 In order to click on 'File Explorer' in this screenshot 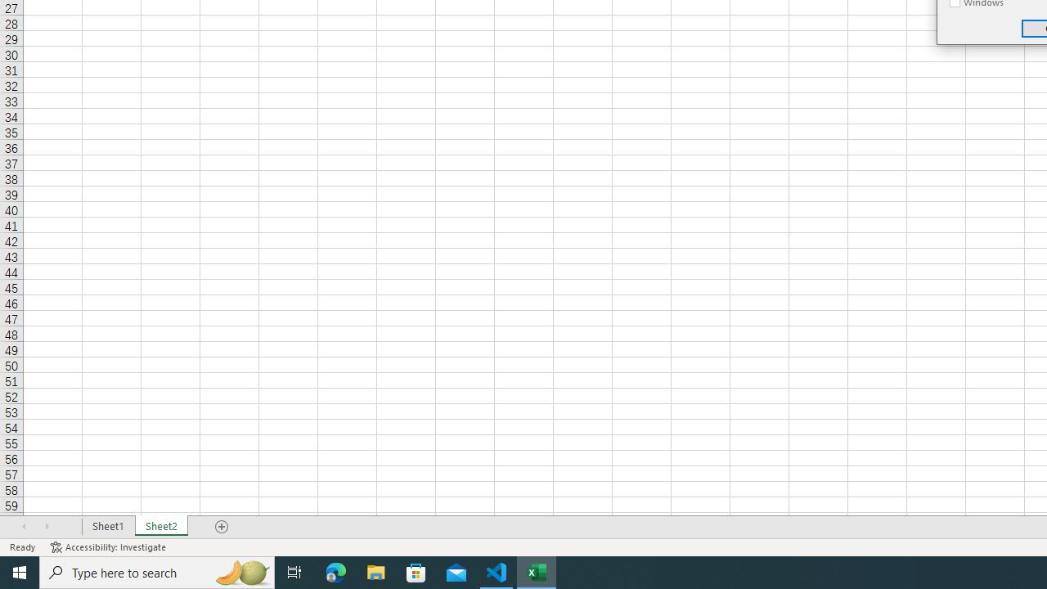, I will do `click(375, 571)`.